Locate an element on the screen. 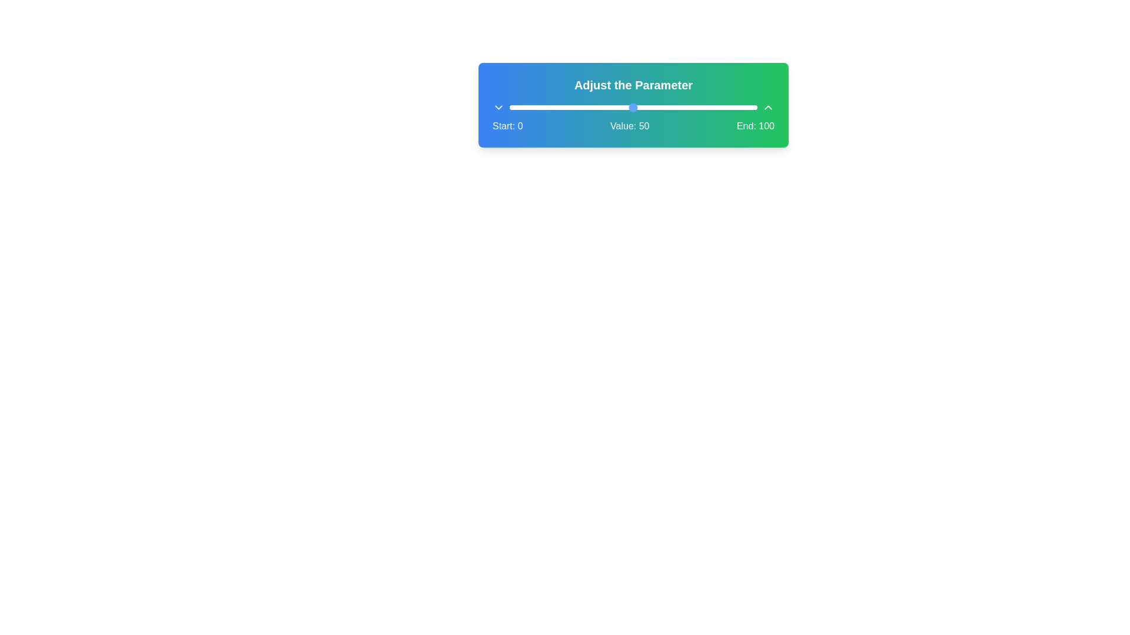 The height and width of the screenshot is (635, 1130). the slider is located at coordinates (539, 107).